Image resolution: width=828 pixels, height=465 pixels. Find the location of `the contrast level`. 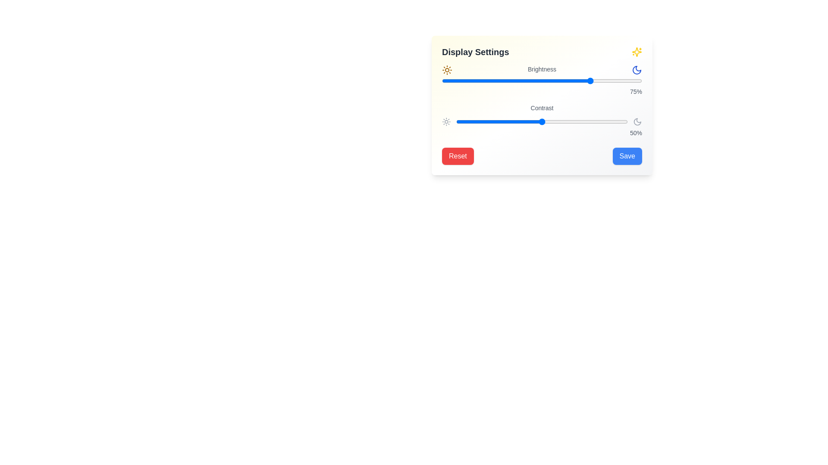

the contrast level is located at coordinates (470, 121).